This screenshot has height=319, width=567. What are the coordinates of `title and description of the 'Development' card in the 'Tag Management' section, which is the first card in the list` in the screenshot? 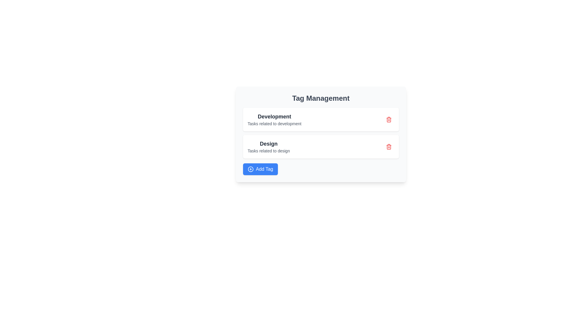 It's located at (320, 120).